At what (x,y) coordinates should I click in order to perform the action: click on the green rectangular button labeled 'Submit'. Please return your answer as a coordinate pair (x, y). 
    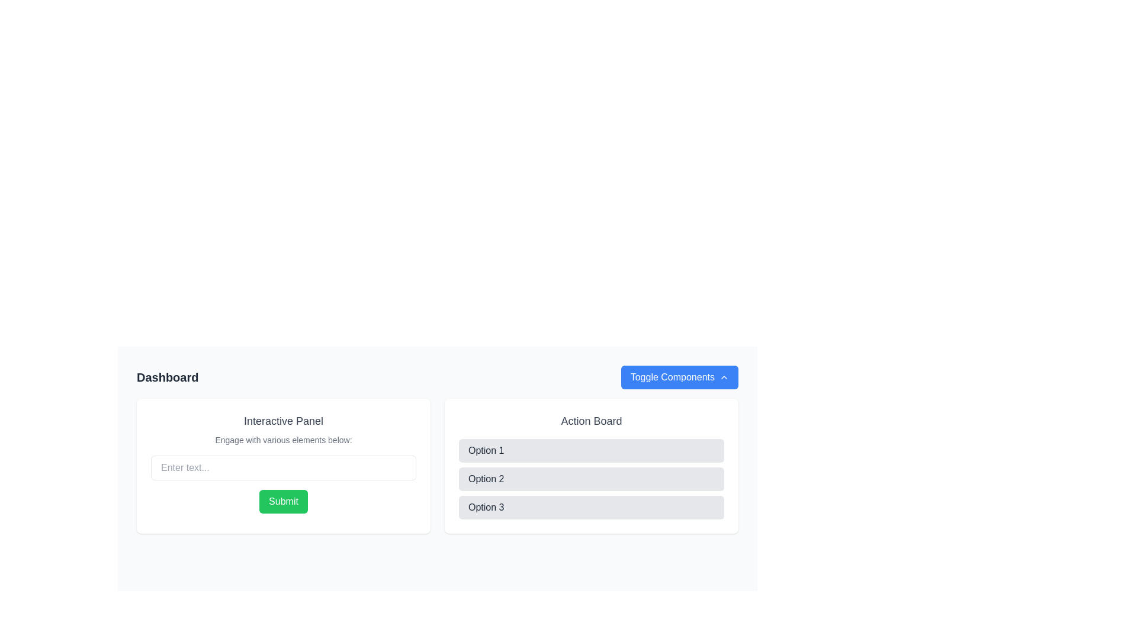
    Looking at the image, I should click on (283, 502).